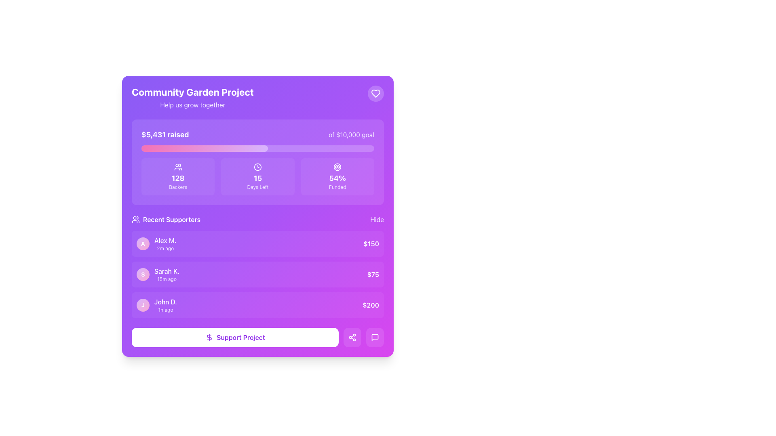  Describe the element at coordinates (257, 166) in the screenshot. I see `the SVG circle element representing the clock face in the 'Days Left' section of the icon, located between the 'Backers' and 'Funded' metrics` at that location.